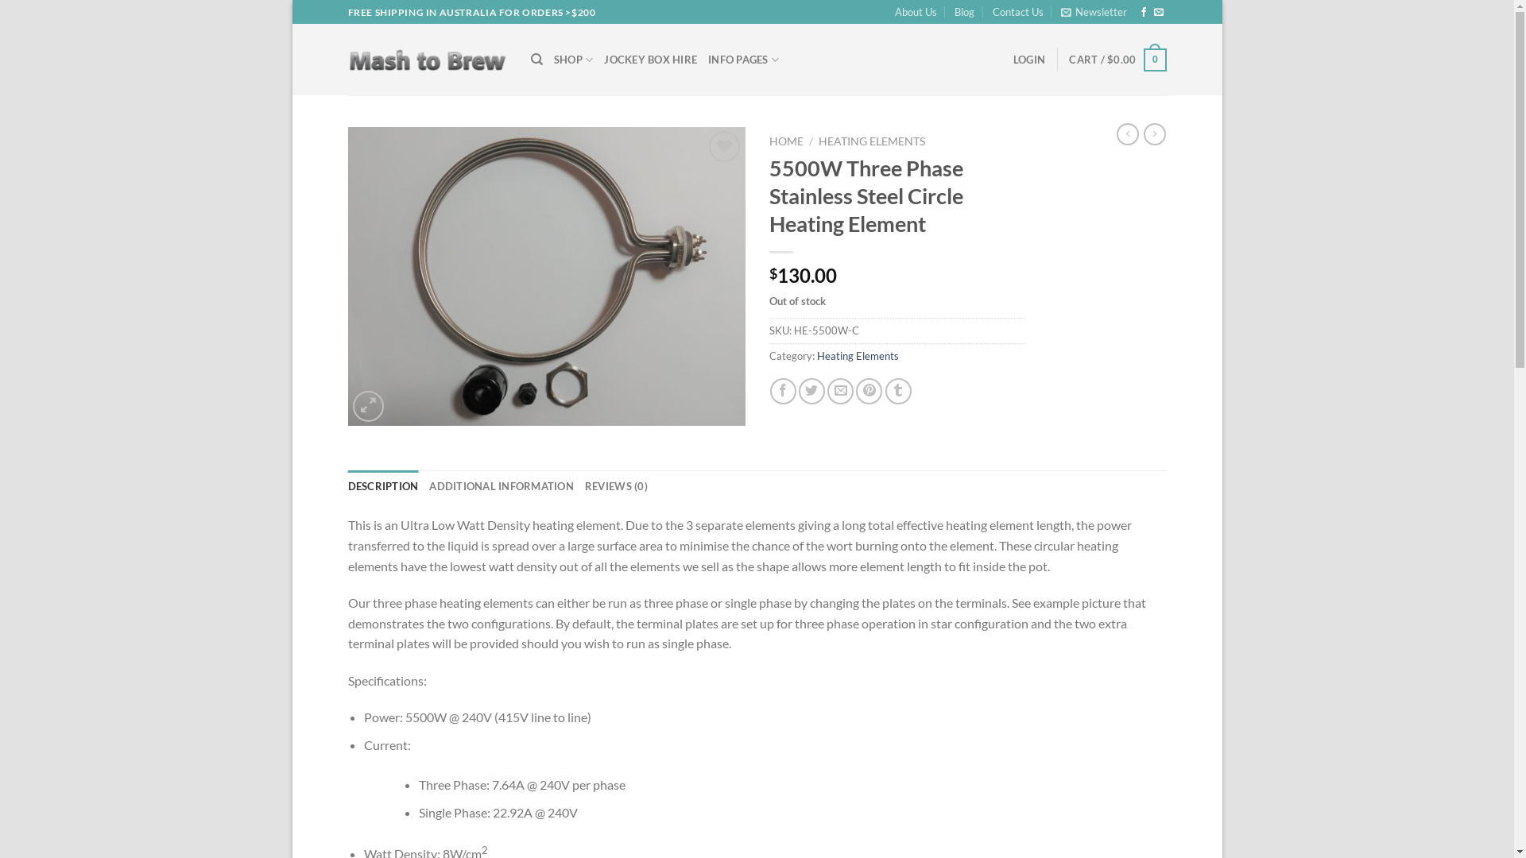 The width and height of the screenshot is (1526, 858). Describe the element at coordinates (347, 59) in the screenshot. I see `'Mash to Brew - Build you own brewery at home'` at that location.